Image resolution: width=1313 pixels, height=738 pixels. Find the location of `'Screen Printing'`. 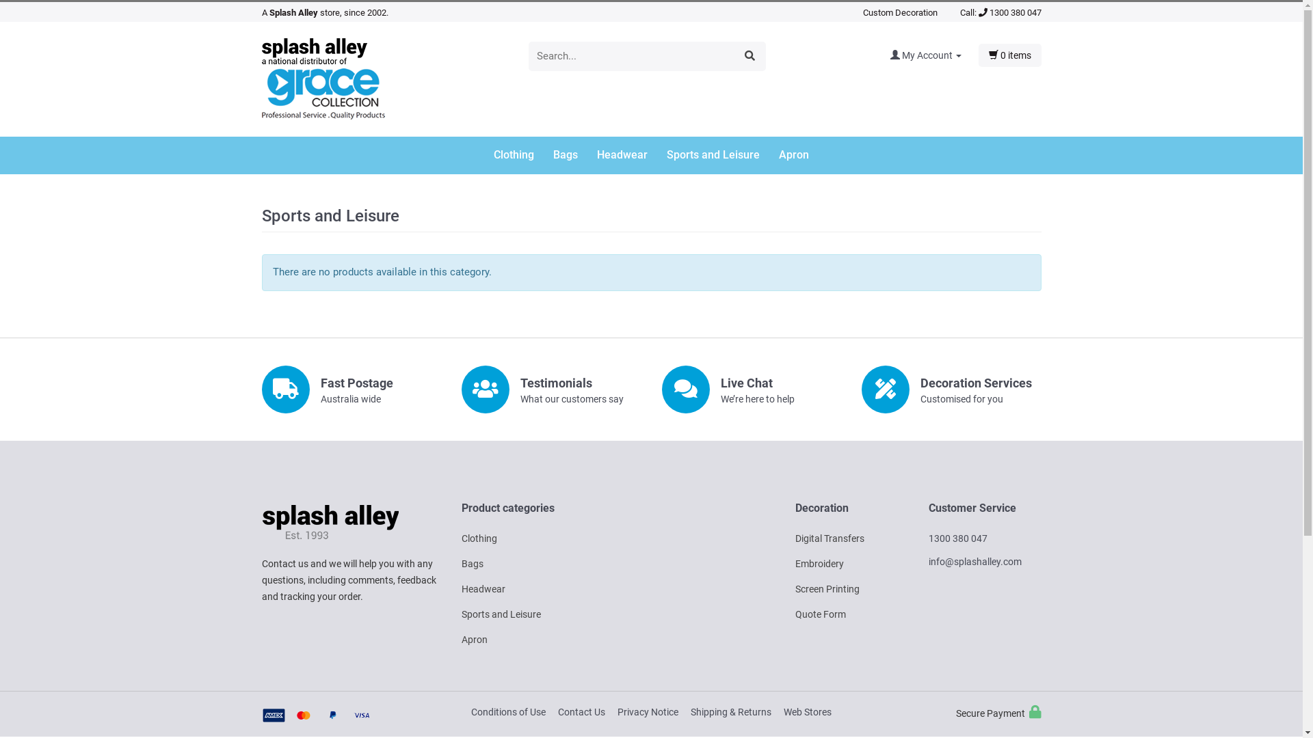

'Screen Printing' is located at coordinates (826, 588).